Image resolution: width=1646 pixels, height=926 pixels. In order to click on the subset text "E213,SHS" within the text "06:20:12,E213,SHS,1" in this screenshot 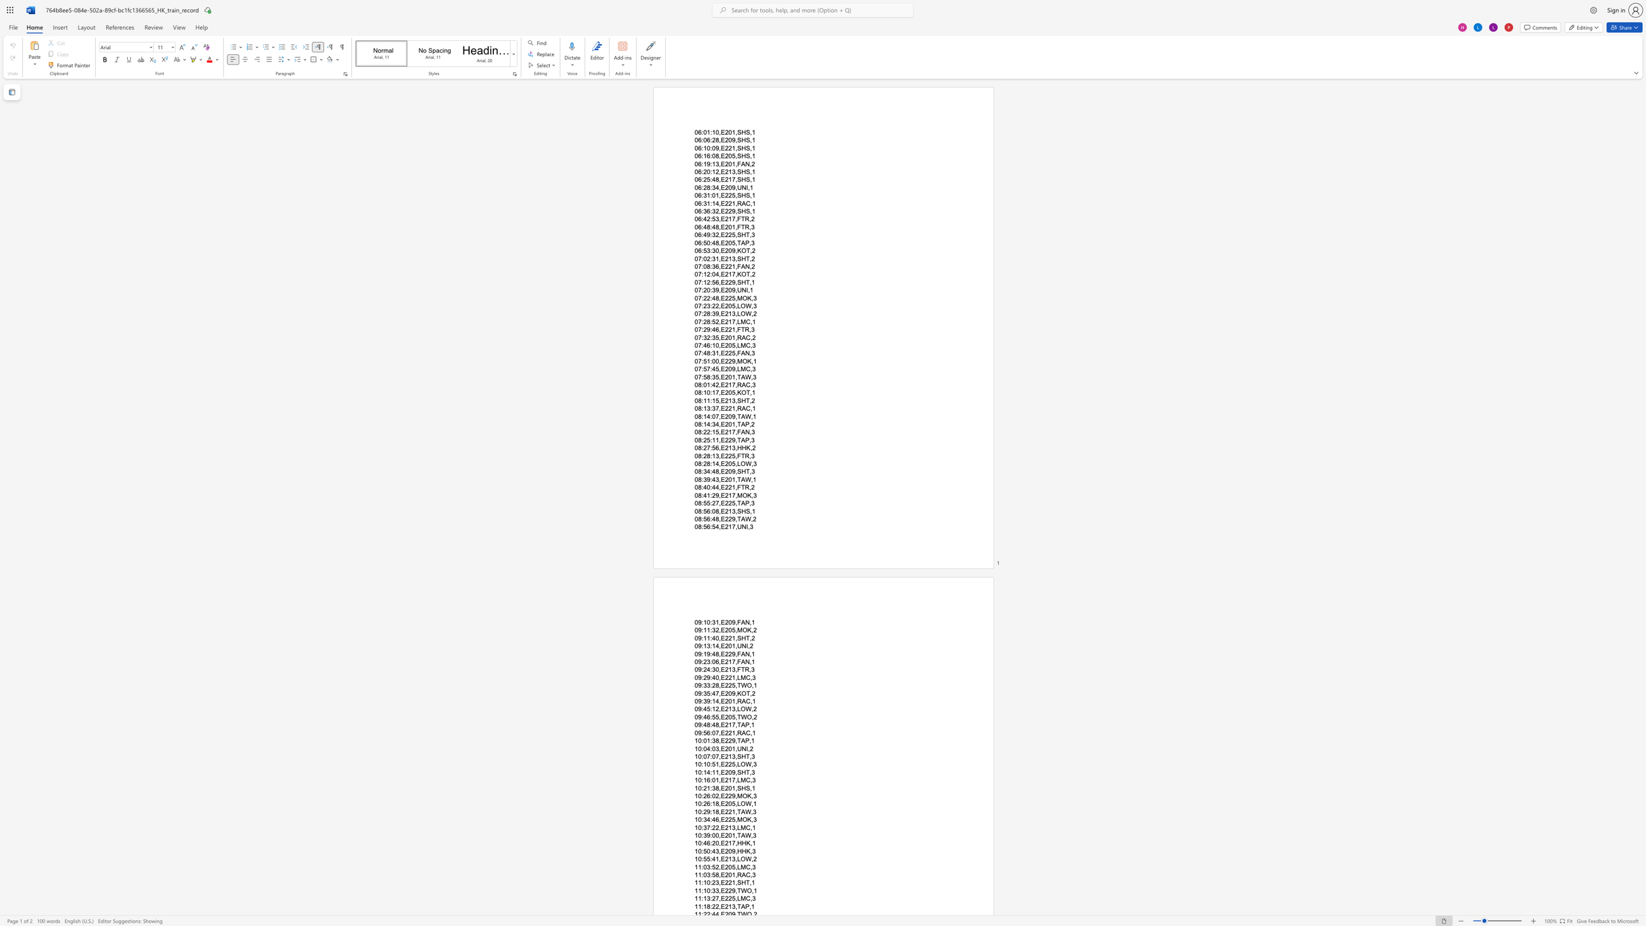, I will do `click(720, 171)`.